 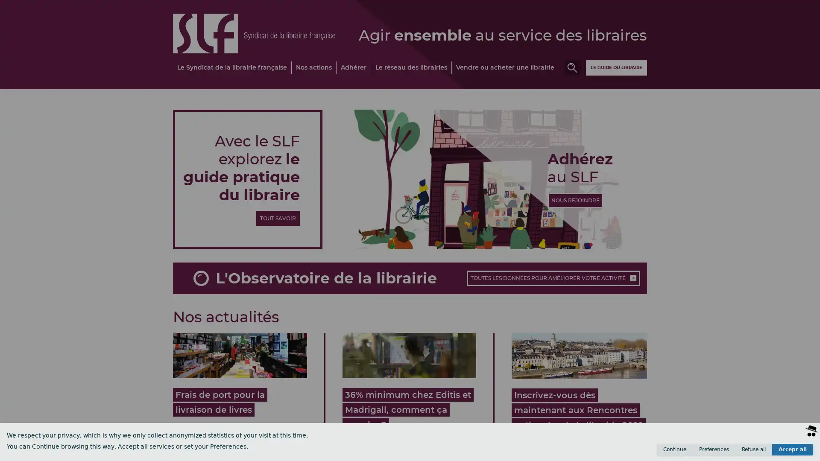 What do you see at coordinates (799, 452) in the screenshot?
I see `Save` at bounding box center [799, 452].